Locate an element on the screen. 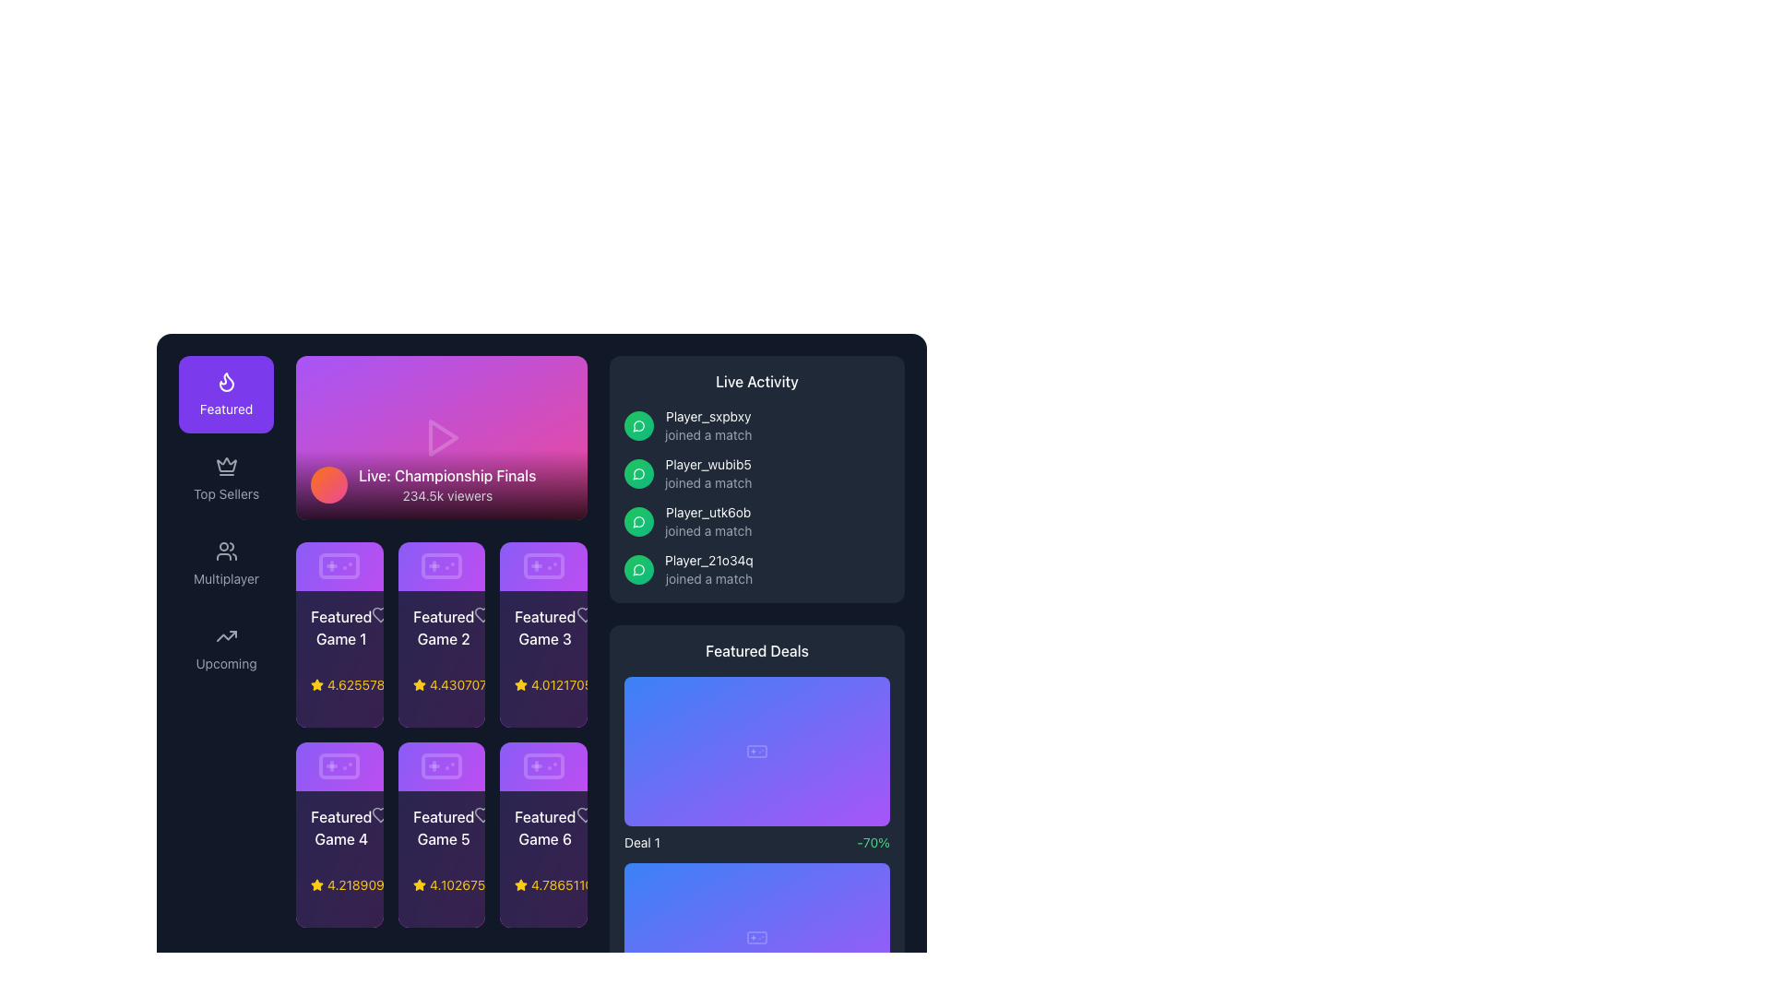 The width and height of the screenshot is (1771, 996). the Rating Indicator for 'Featured Game 6', located in the bottom right of the card in a 3x2 grid layout is located at coordinates (542, 884).